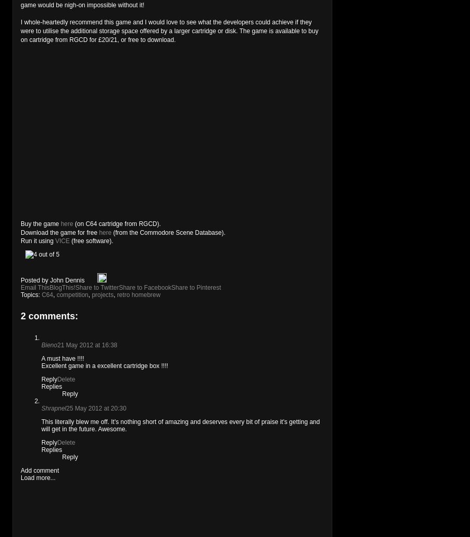 The image size is (470, 537). What do you see at coordinates (86, 345) in the screenshot?
I see `'21 May 2012 at 16:38'` at bounding box center [86, 345].